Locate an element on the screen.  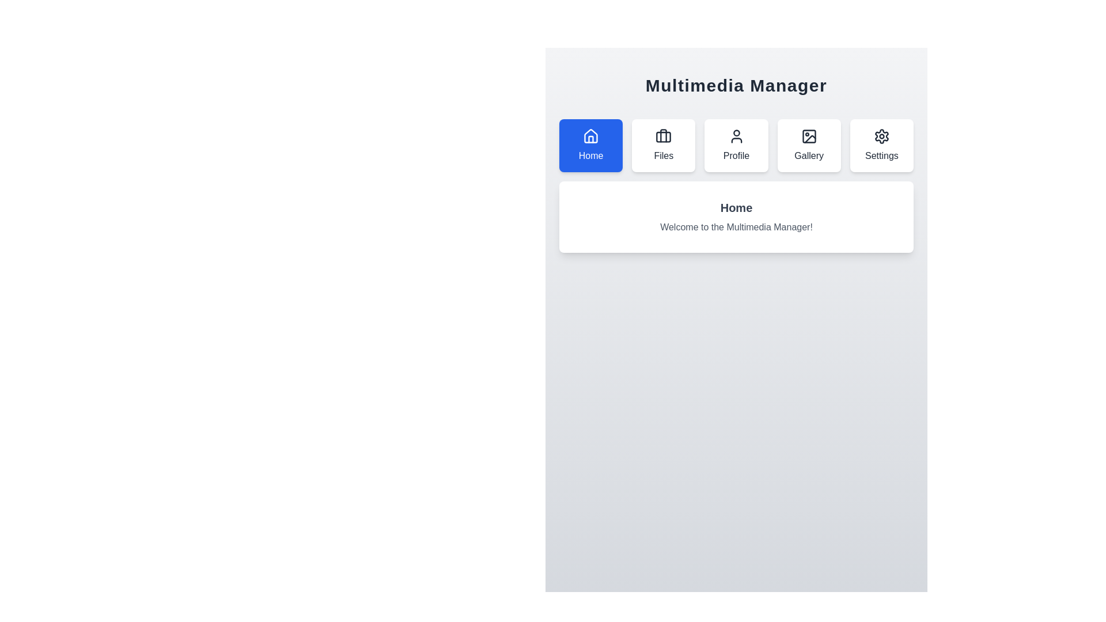
the house icon in the navigation menu is located at coordinates (591, 135).